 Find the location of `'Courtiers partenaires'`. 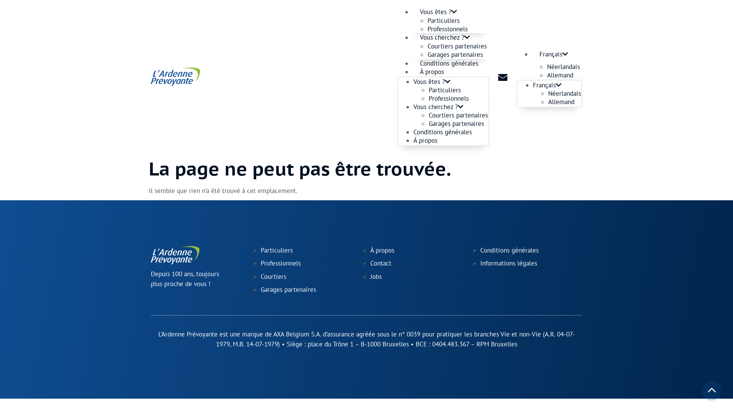

'Courtiers partenaires' is located at coordinates (429, 115).